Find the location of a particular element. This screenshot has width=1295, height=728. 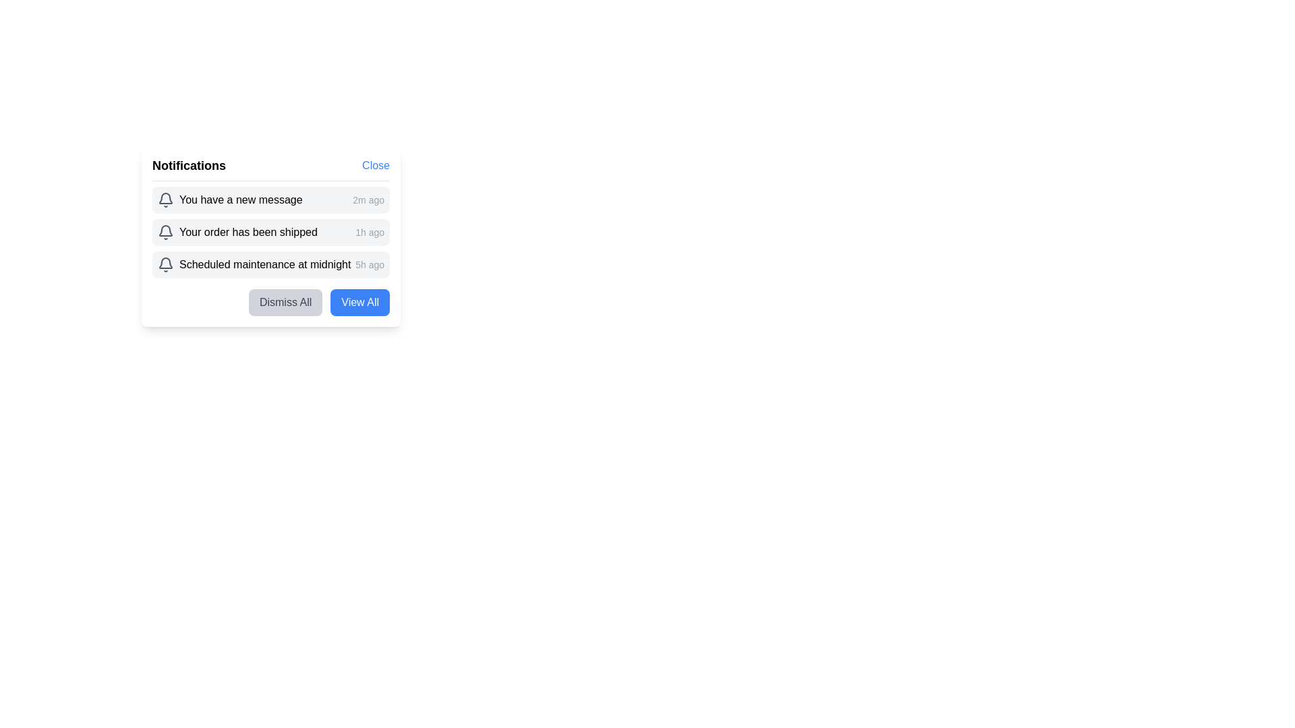

text label indicating notifications, located at the top-left corner of the panel is located at coordinates (188, 165).